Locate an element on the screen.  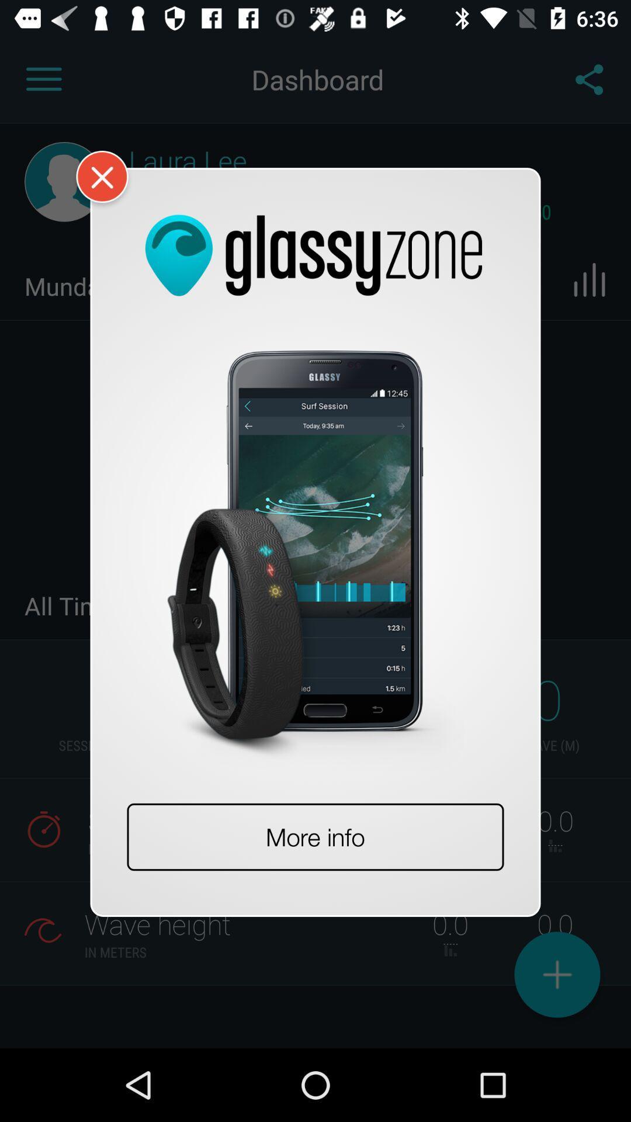
the item at the top left corner is located at coordinates (110, 188).